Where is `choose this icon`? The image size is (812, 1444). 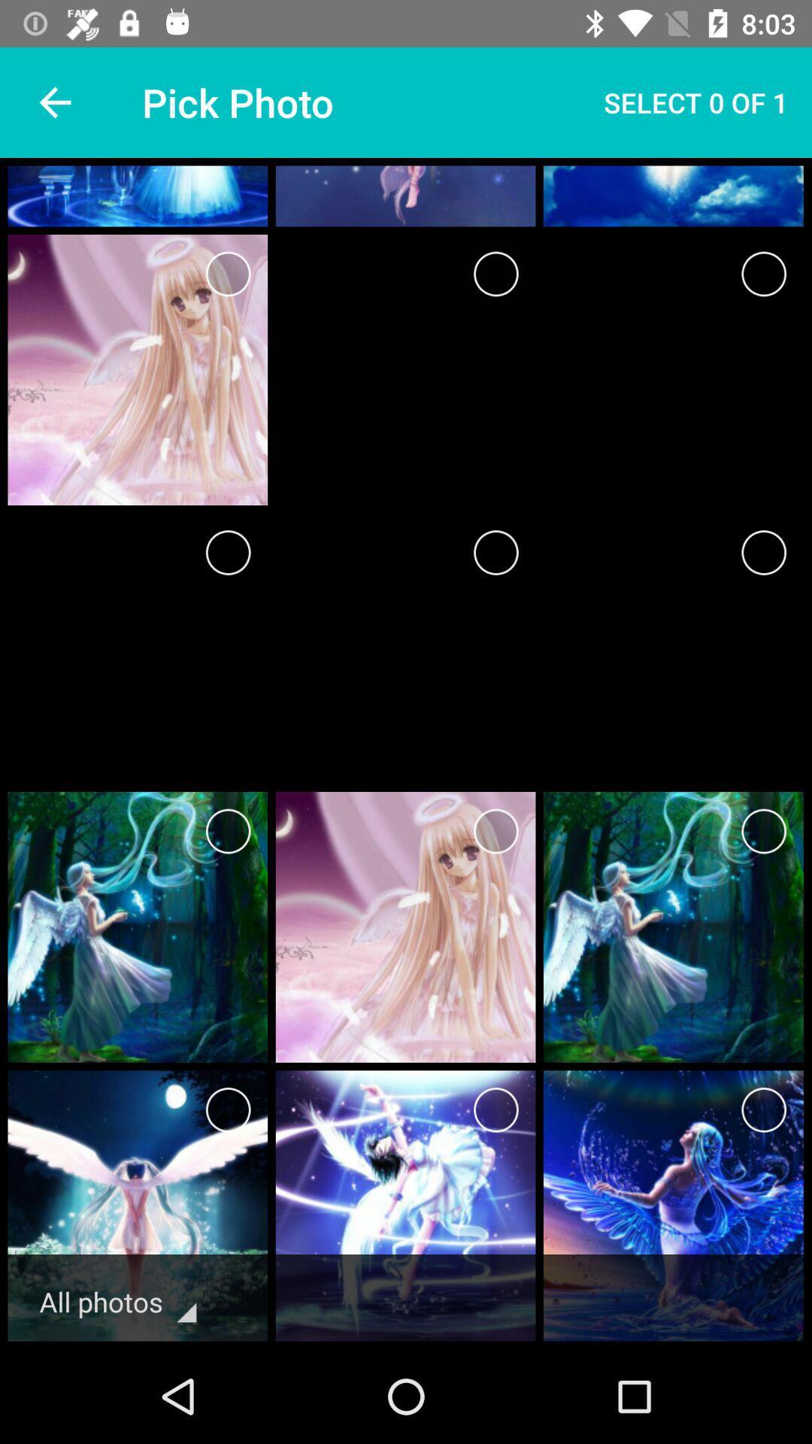 choose this icon is located at coordinates (764, 1110).